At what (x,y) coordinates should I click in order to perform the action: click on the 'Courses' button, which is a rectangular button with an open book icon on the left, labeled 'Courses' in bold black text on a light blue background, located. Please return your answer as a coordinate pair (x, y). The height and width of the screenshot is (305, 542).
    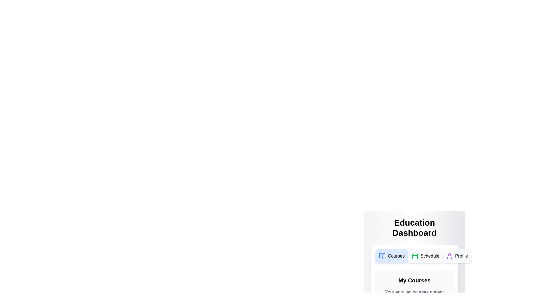
    Looking at the image, I should click on (391, 256).